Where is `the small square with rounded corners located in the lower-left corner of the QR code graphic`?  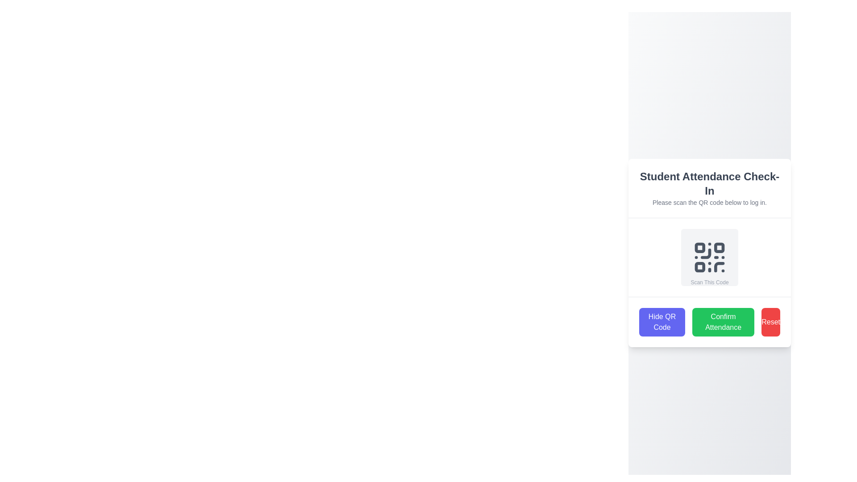 the small square with rounded corners located in the lower-left corner of the QR code graphic is located at coordinates (699, 266).